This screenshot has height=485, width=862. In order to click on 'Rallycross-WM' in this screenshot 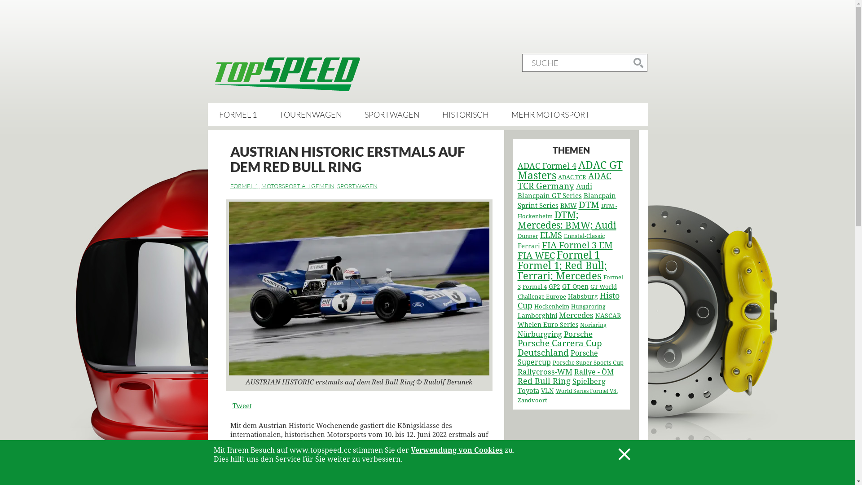, I will do `click(544, 372)`.